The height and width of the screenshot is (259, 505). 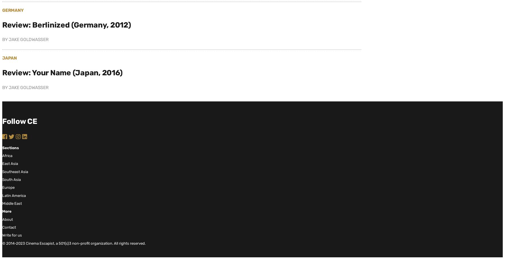 I want to click on 'South Asia', so click(x=2, y=180).